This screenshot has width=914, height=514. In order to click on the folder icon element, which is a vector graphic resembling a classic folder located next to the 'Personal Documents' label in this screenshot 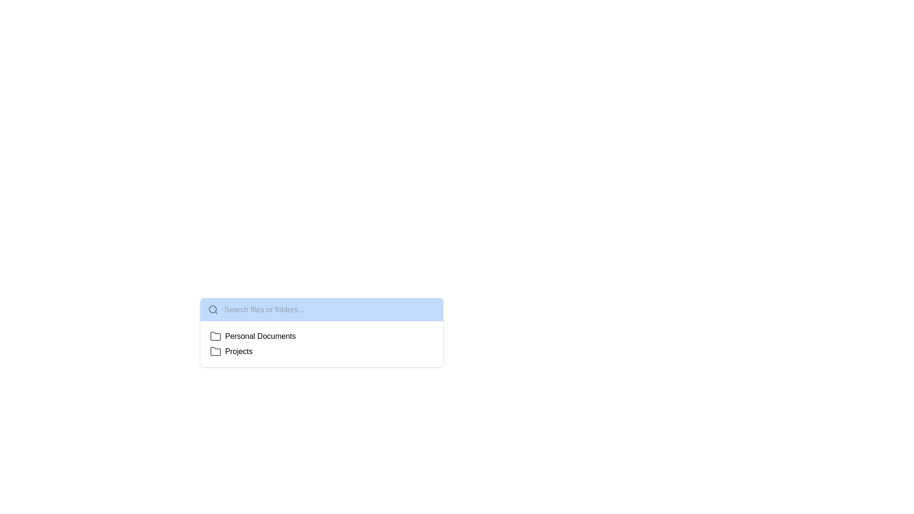, I will do `click(215, 336)`.